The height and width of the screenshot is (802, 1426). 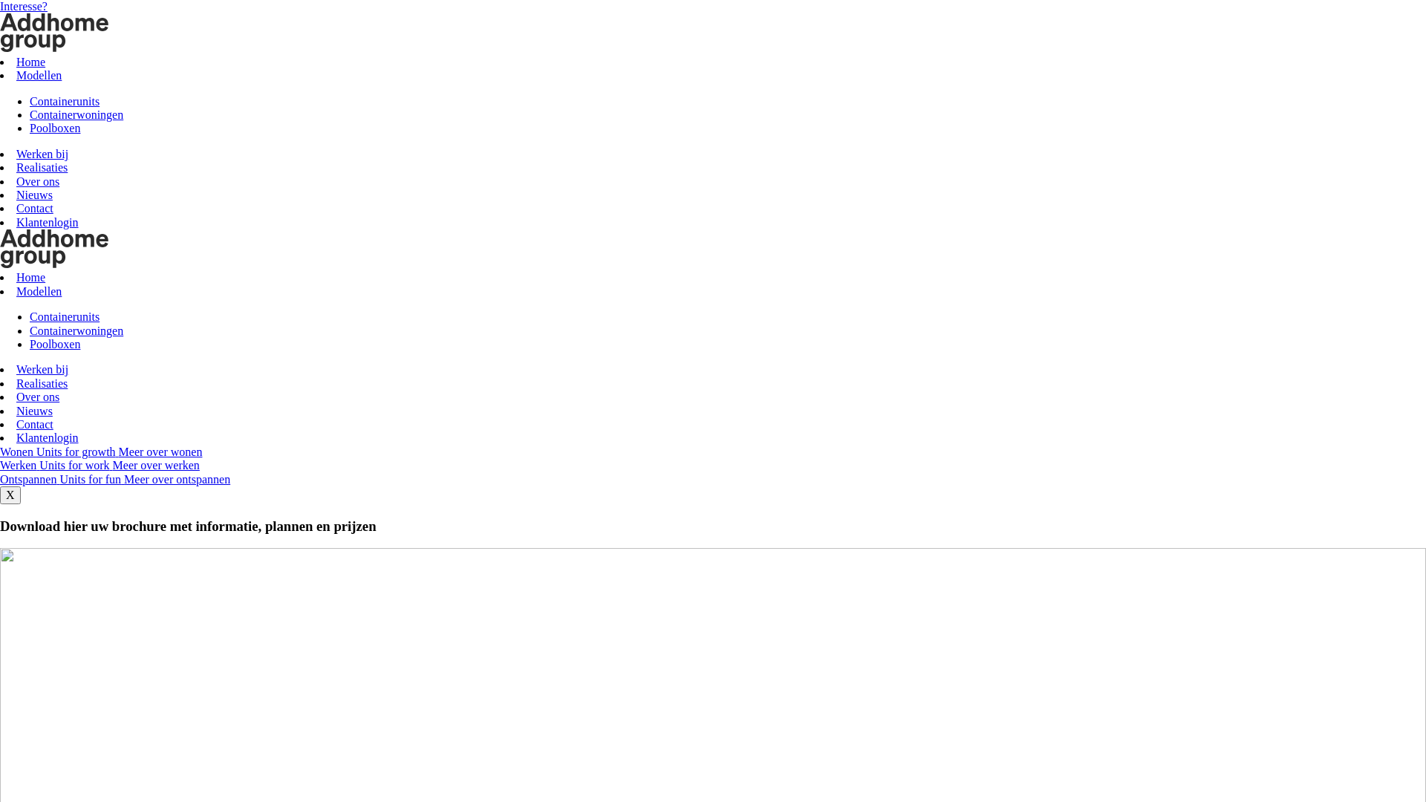 I want to click on 'Poolboxen', so click(x=54, y=344).